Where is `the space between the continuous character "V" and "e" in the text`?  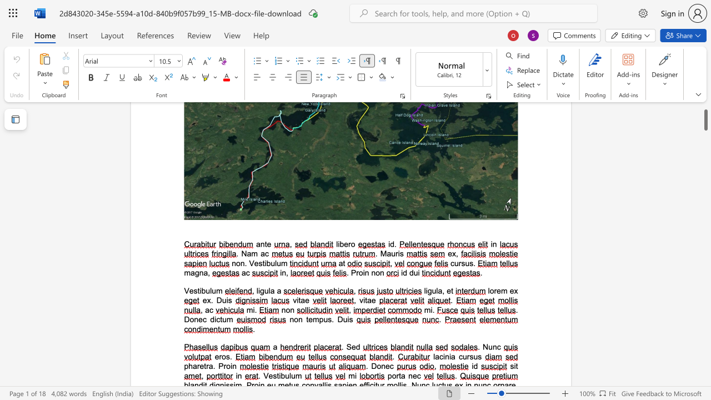
the space between the continuous character "V" and "e" in the text is located at coordinates (268, 375).